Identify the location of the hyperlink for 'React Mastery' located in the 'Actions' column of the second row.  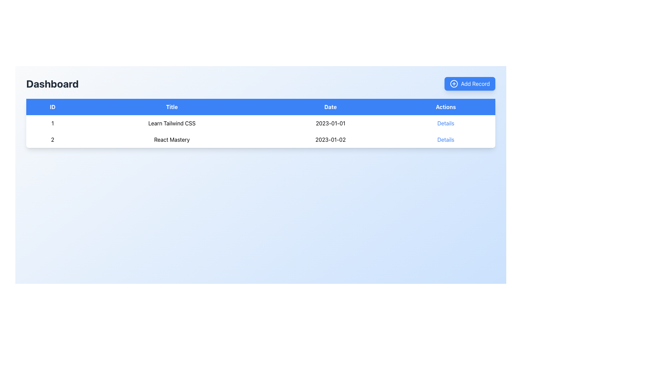
(446, 139).